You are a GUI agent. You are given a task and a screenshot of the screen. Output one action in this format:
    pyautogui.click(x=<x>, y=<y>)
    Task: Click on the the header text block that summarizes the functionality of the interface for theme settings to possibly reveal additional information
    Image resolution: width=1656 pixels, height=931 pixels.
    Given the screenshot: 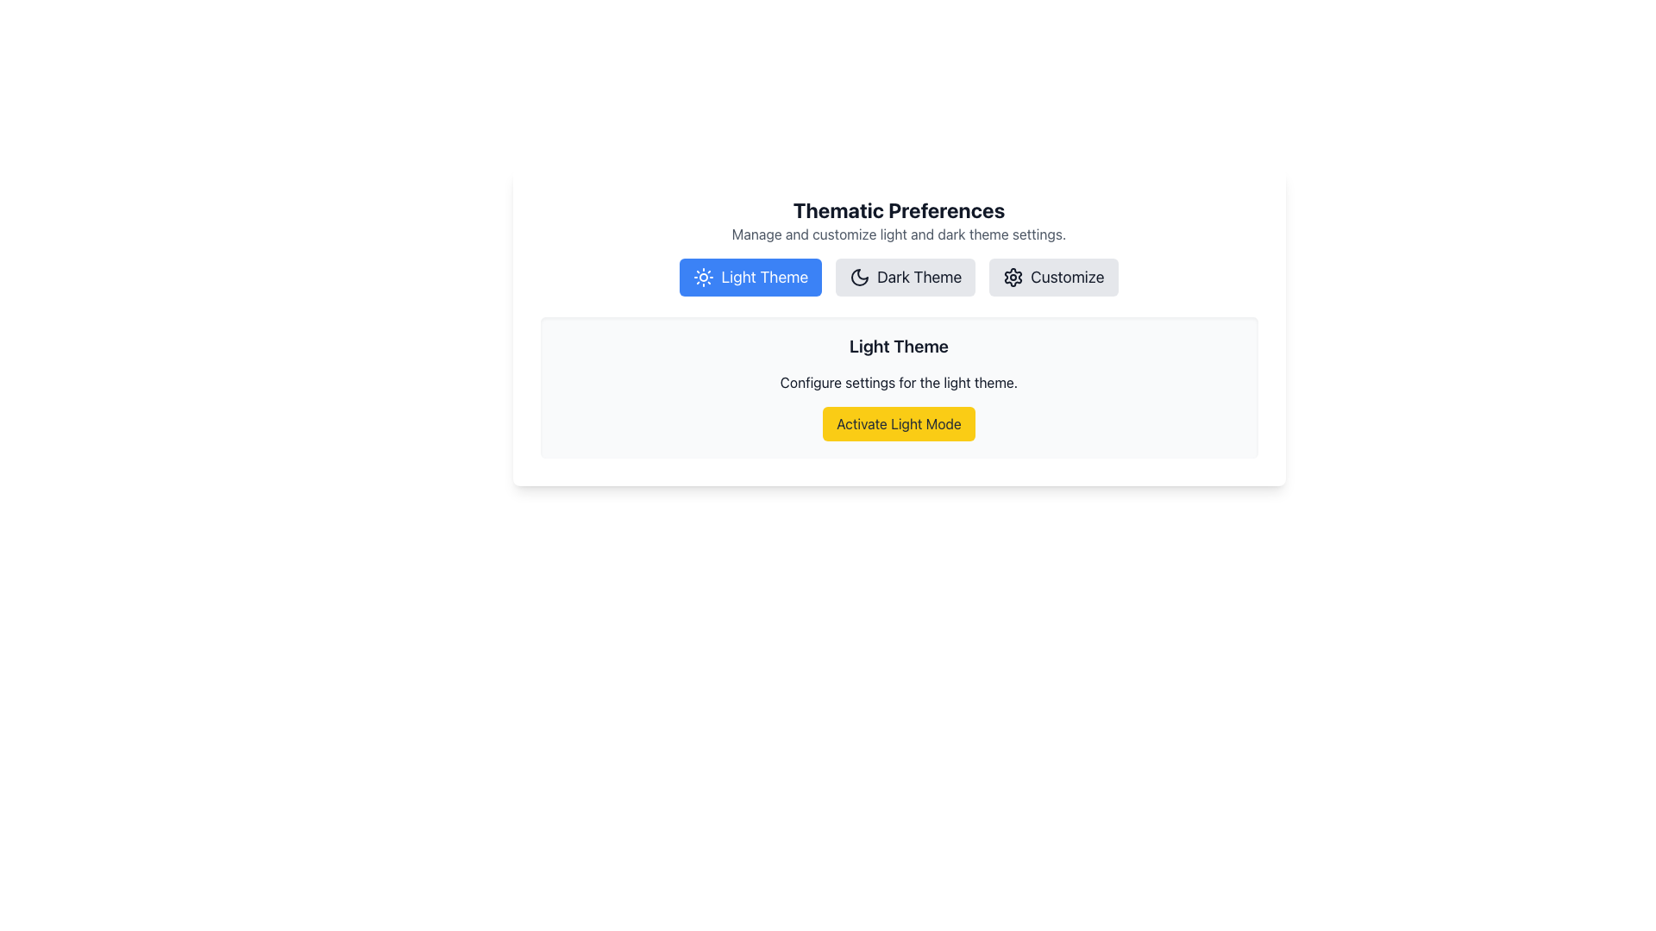 What is the action you would take?
    pyautogui.click(x=898, y=219)
    